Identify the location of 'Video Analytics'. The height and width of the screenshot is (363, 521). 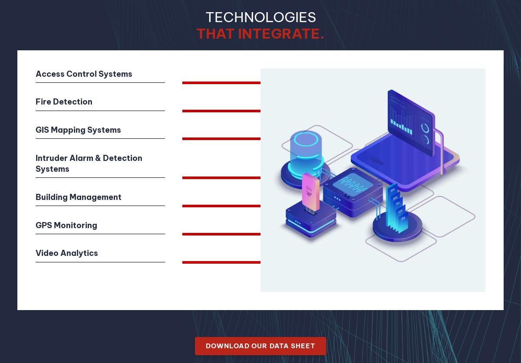
(66, 253).